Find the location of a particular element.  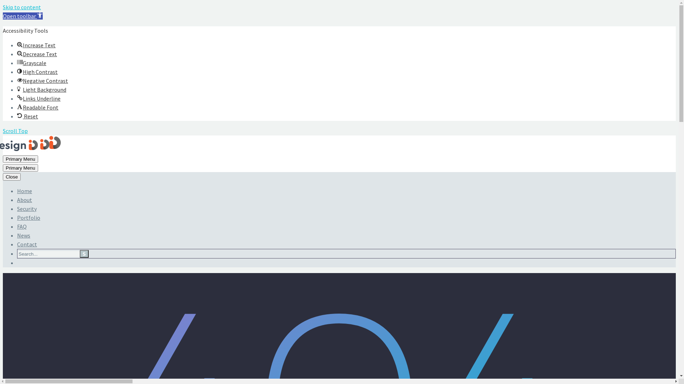

'News' is located at coordinates (17, 235).